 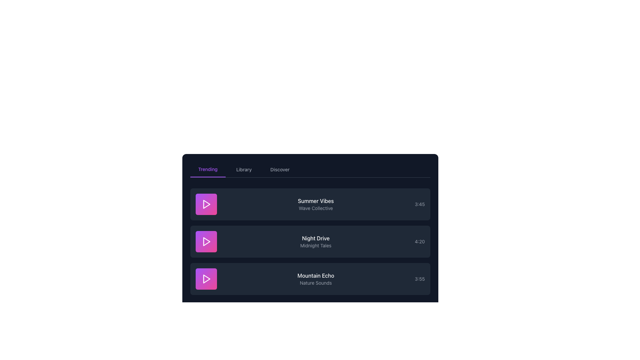 I want to click on the static text label displaying 'Nature Sounds', which is located directly below 'Mountain Echo' in a light gray font, so click(x=315, y=283).